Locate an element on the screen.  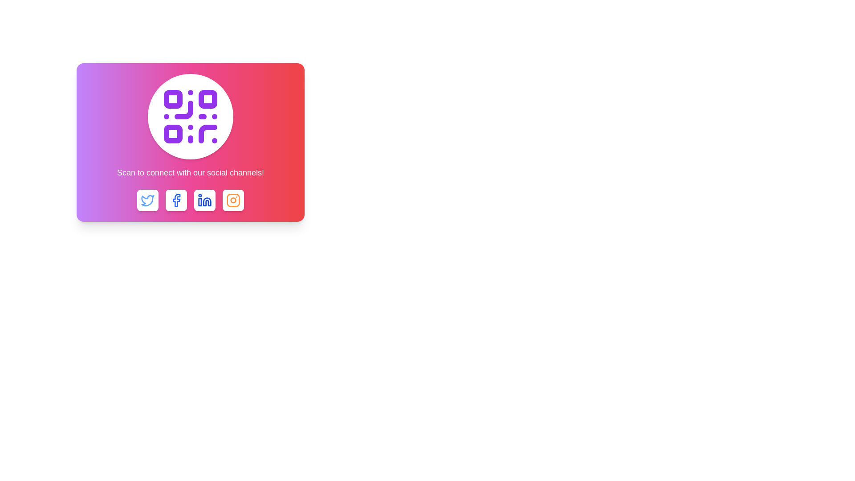
the small purple square component of the QR code, located at the lower-left section and being the third visible square is located at coordinates (173, 134).